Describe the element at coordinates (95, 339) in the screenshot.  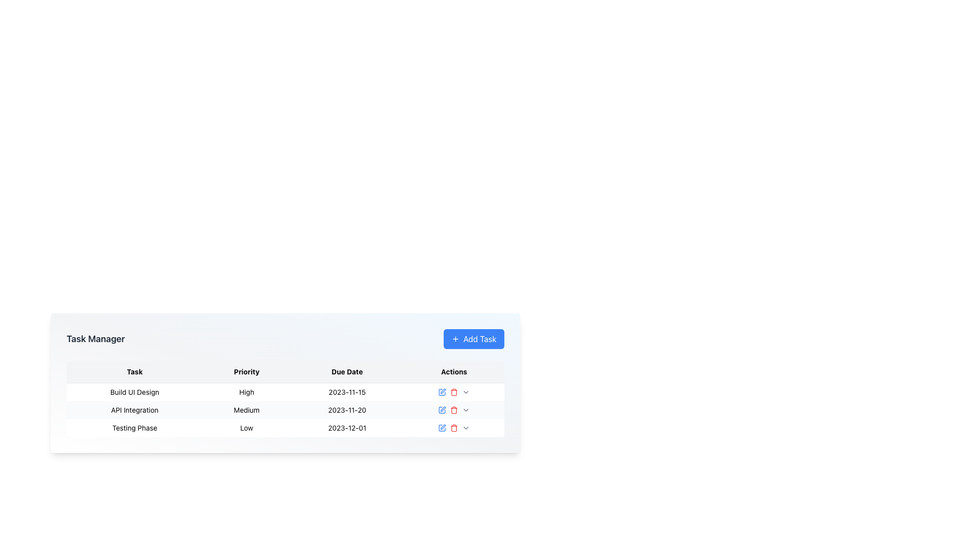
I see `the 'Task Manager' label, which is a bold textual label located in the upper-left section of the header bar above the task management table layout` at that location.